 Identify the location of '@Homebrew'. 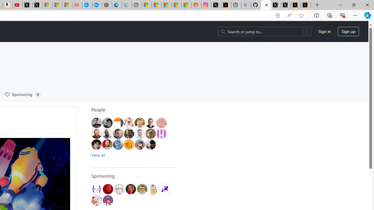
(153, 189).